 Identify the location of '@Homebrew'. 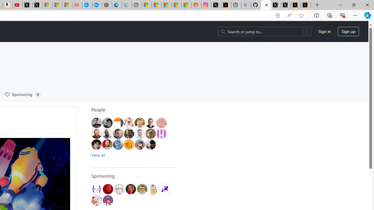
(153, 189).